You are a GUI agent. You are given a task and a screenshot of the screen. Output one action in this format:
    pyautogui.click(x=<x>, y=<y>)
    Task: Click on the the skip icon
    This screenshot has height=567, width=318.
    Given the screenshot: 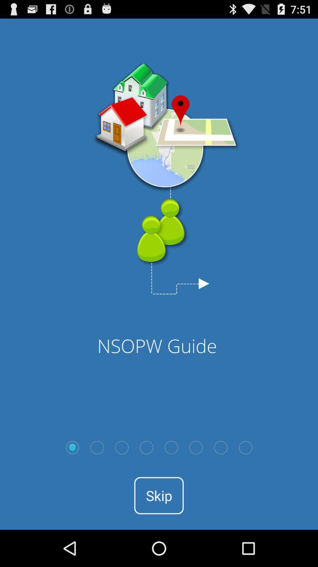 What is the action you would take?
    pyautogui.click(x=159, y=496)
    